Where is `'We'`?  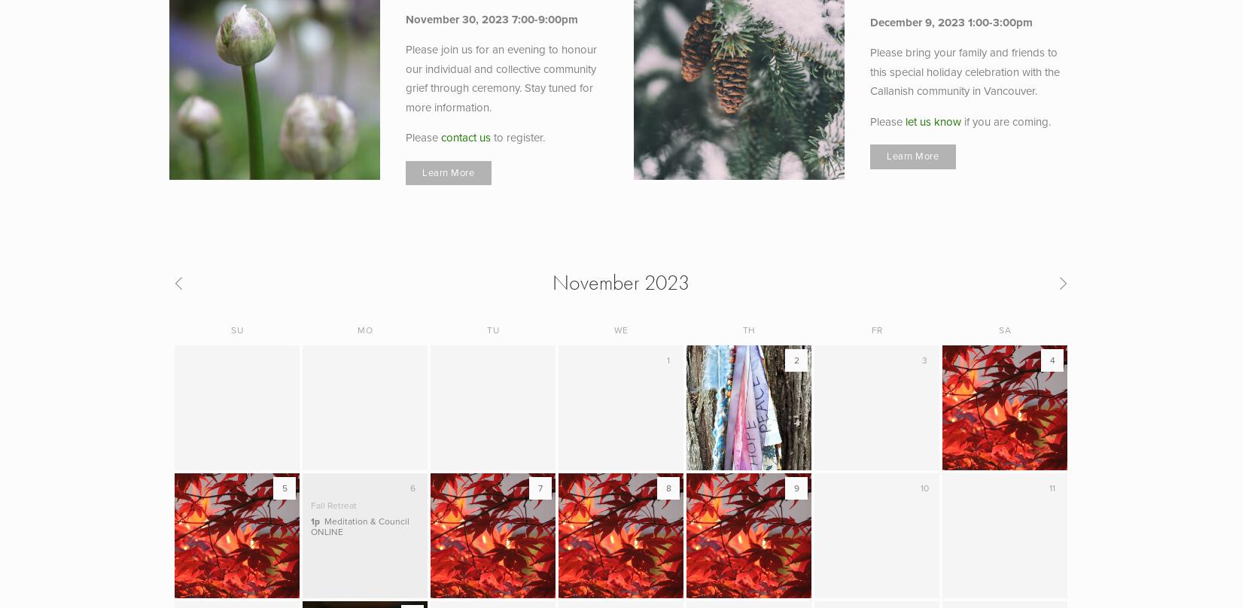 'We' is located at coordinates (612, 330).